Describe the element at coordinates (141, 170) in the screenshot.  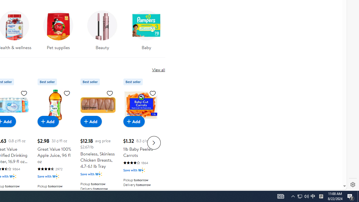
I see `'Walmart Plus'` at that location.